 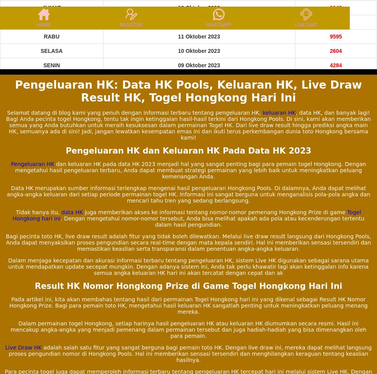 I want to click on 'Live Draw HK', so click(x=23, y=347).